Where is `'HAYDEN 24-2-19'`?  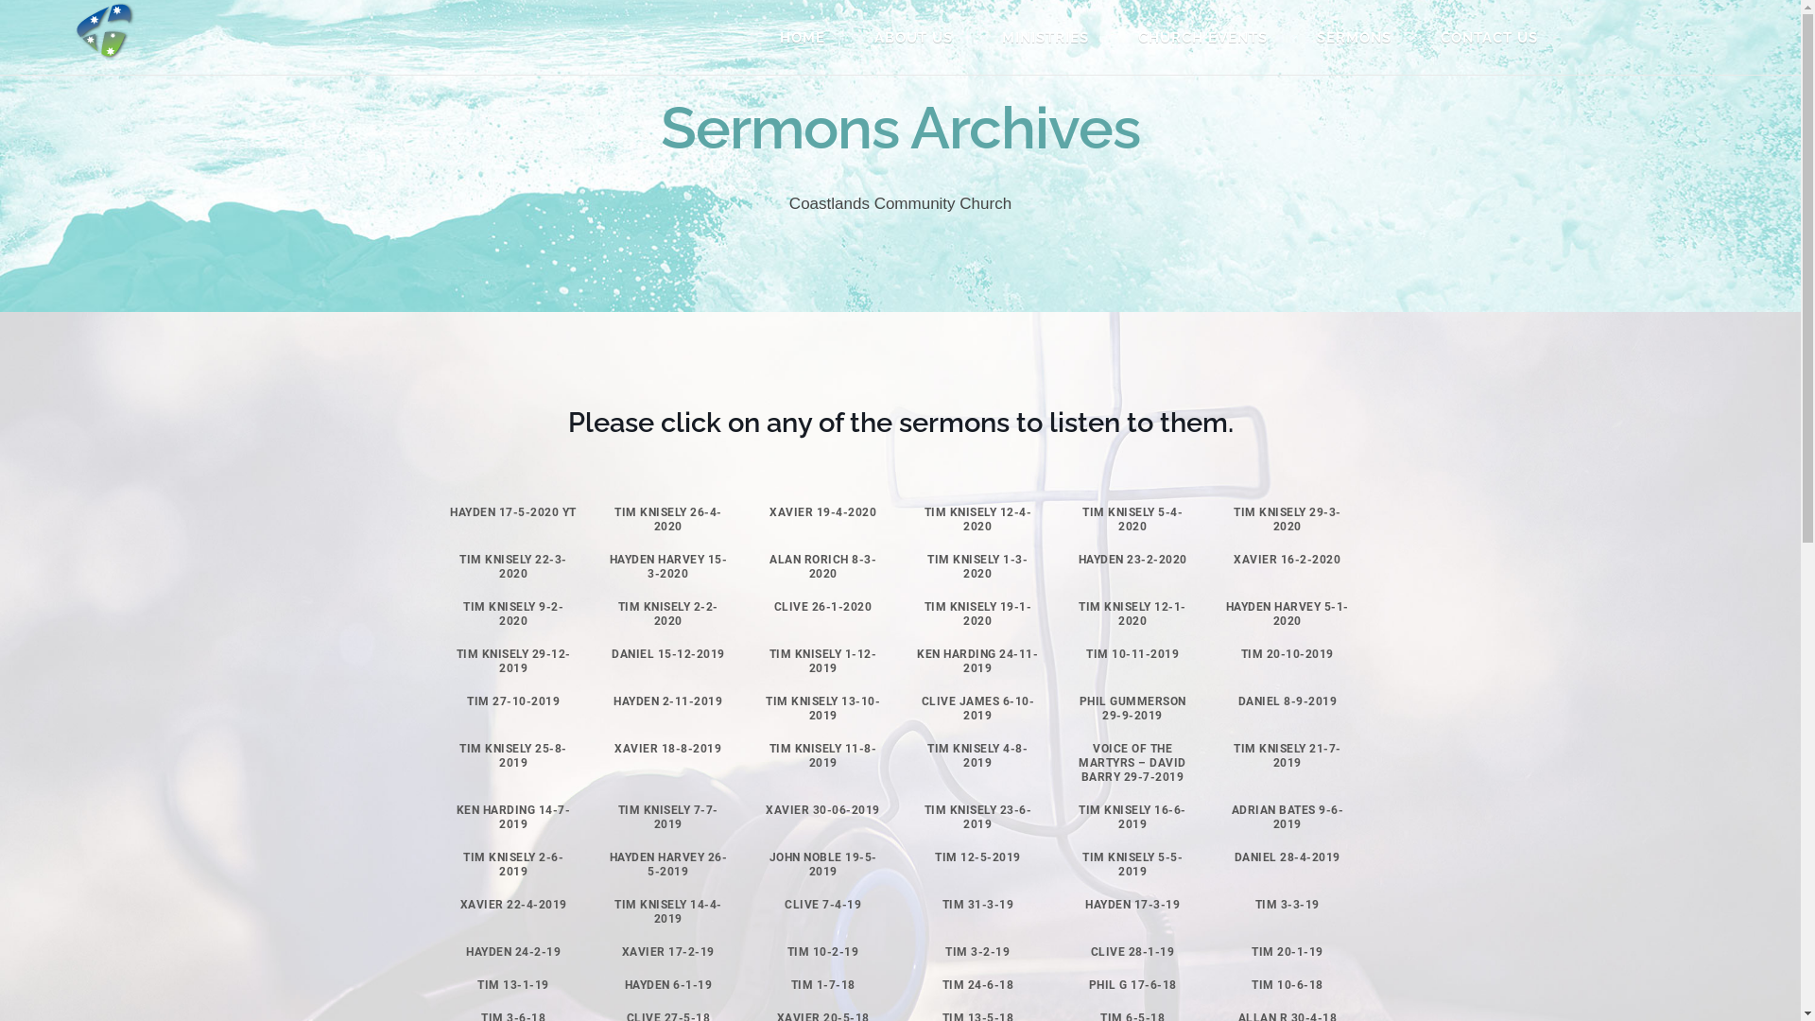
'HAYDEN 24-2-19' is located at coordinates (466, 951).